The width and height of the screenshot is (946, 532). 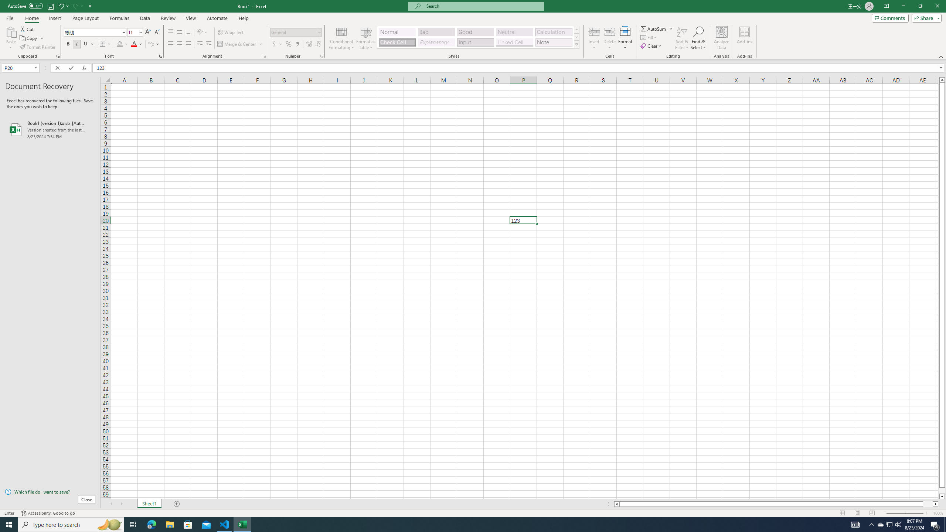 I want to click on 'Check Cell', so click(x=397, y=42).